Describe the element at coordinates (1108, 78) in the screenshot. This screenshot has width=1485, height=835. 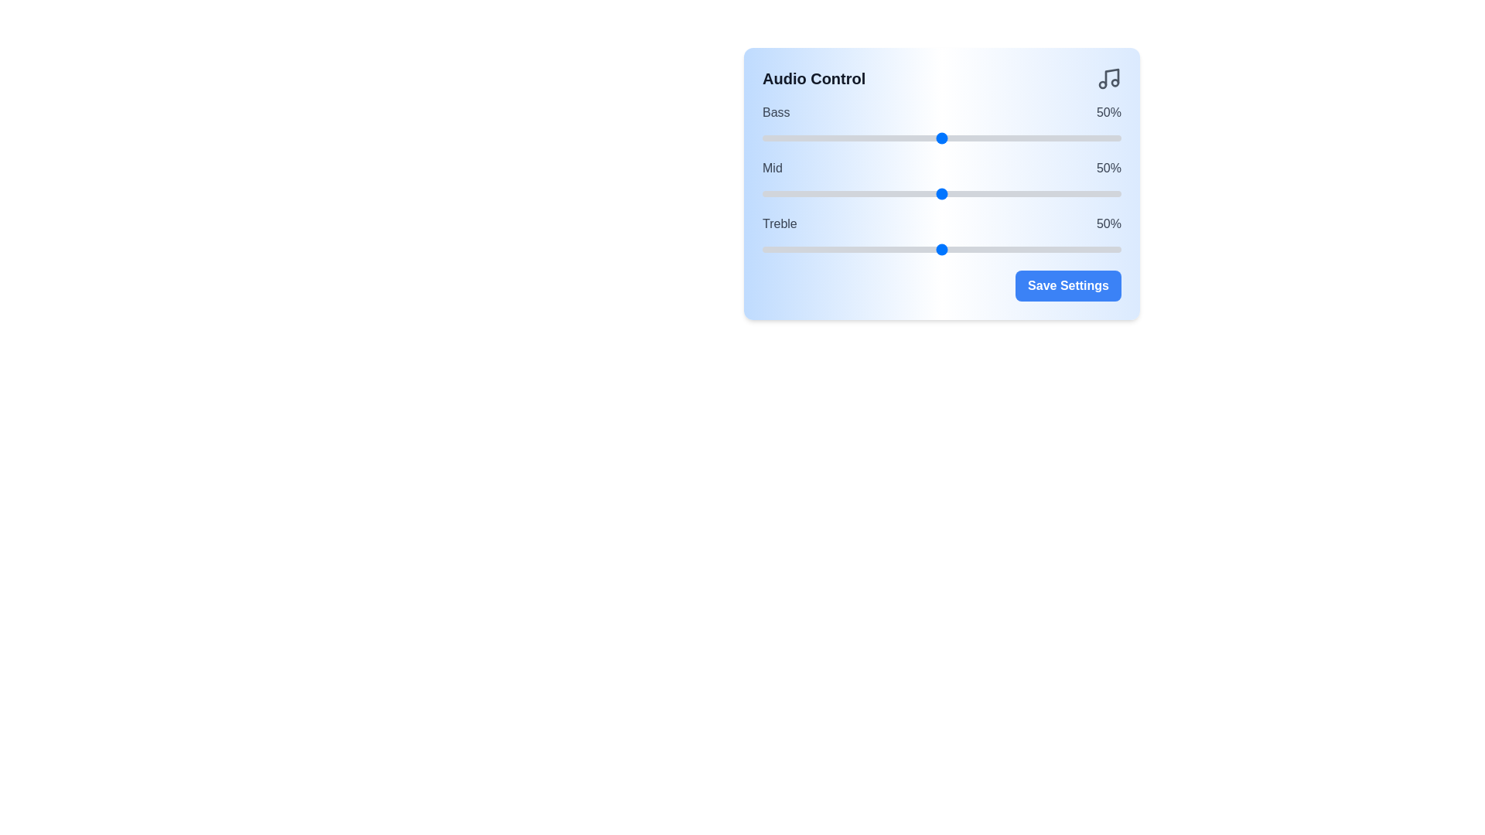
I see `the Music icon` at that location.